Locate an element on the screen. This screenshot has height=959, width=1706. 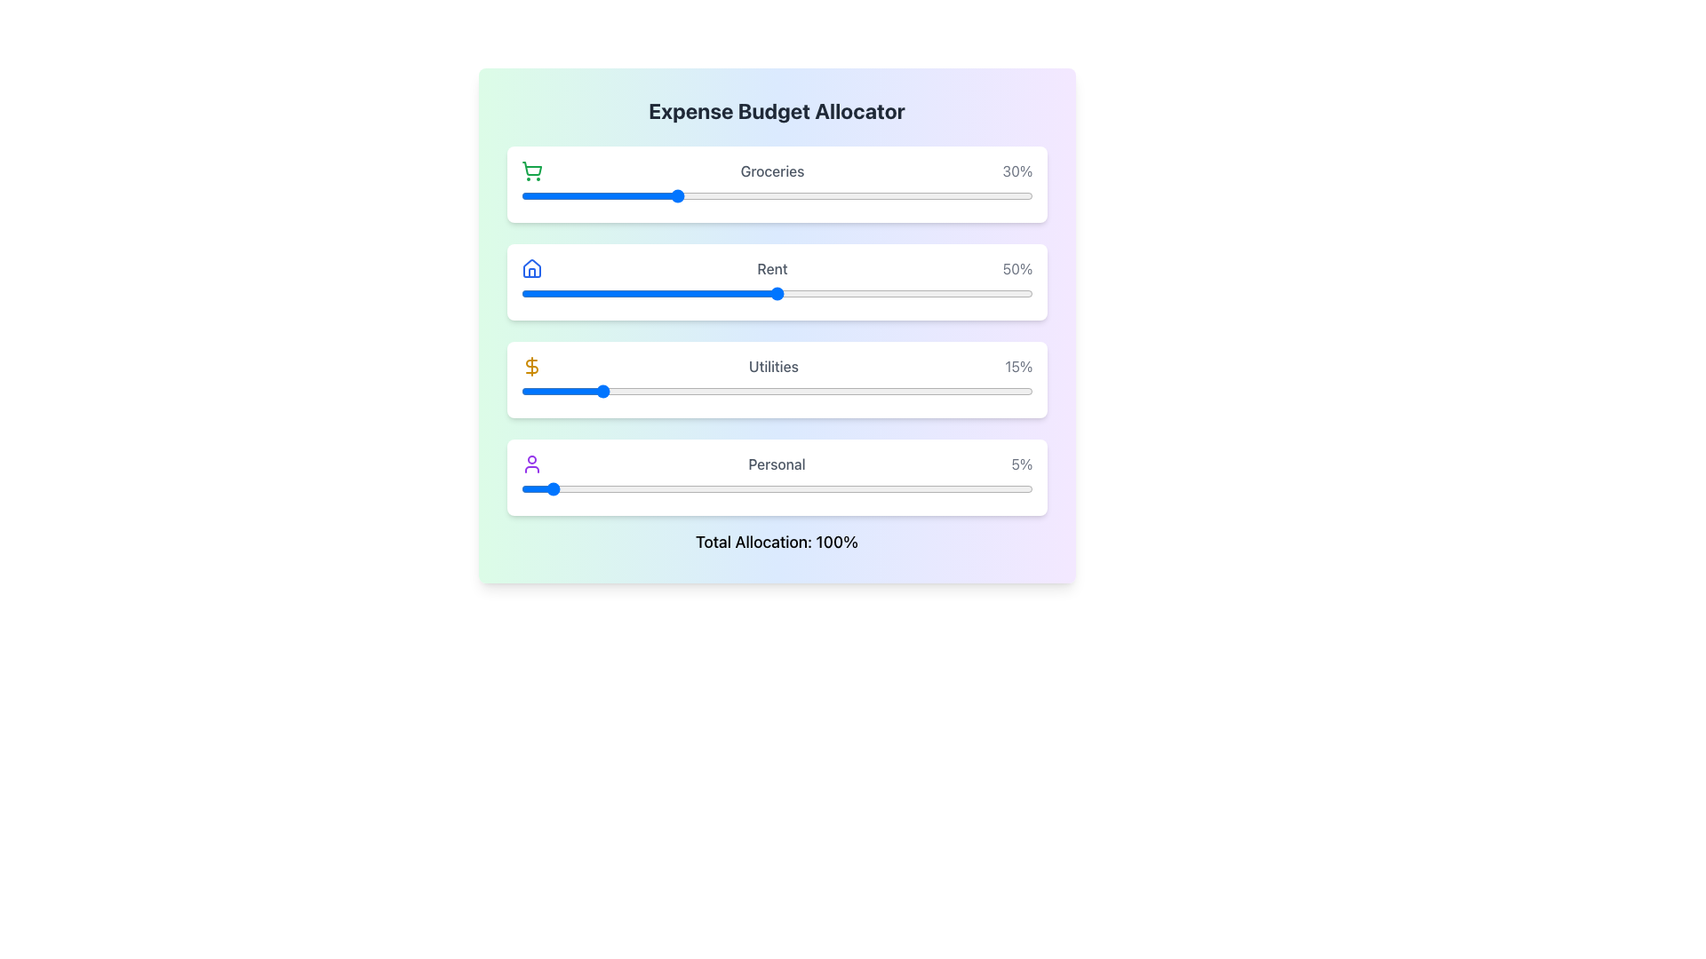
the rent allocation is located at coordinates (525, 293).